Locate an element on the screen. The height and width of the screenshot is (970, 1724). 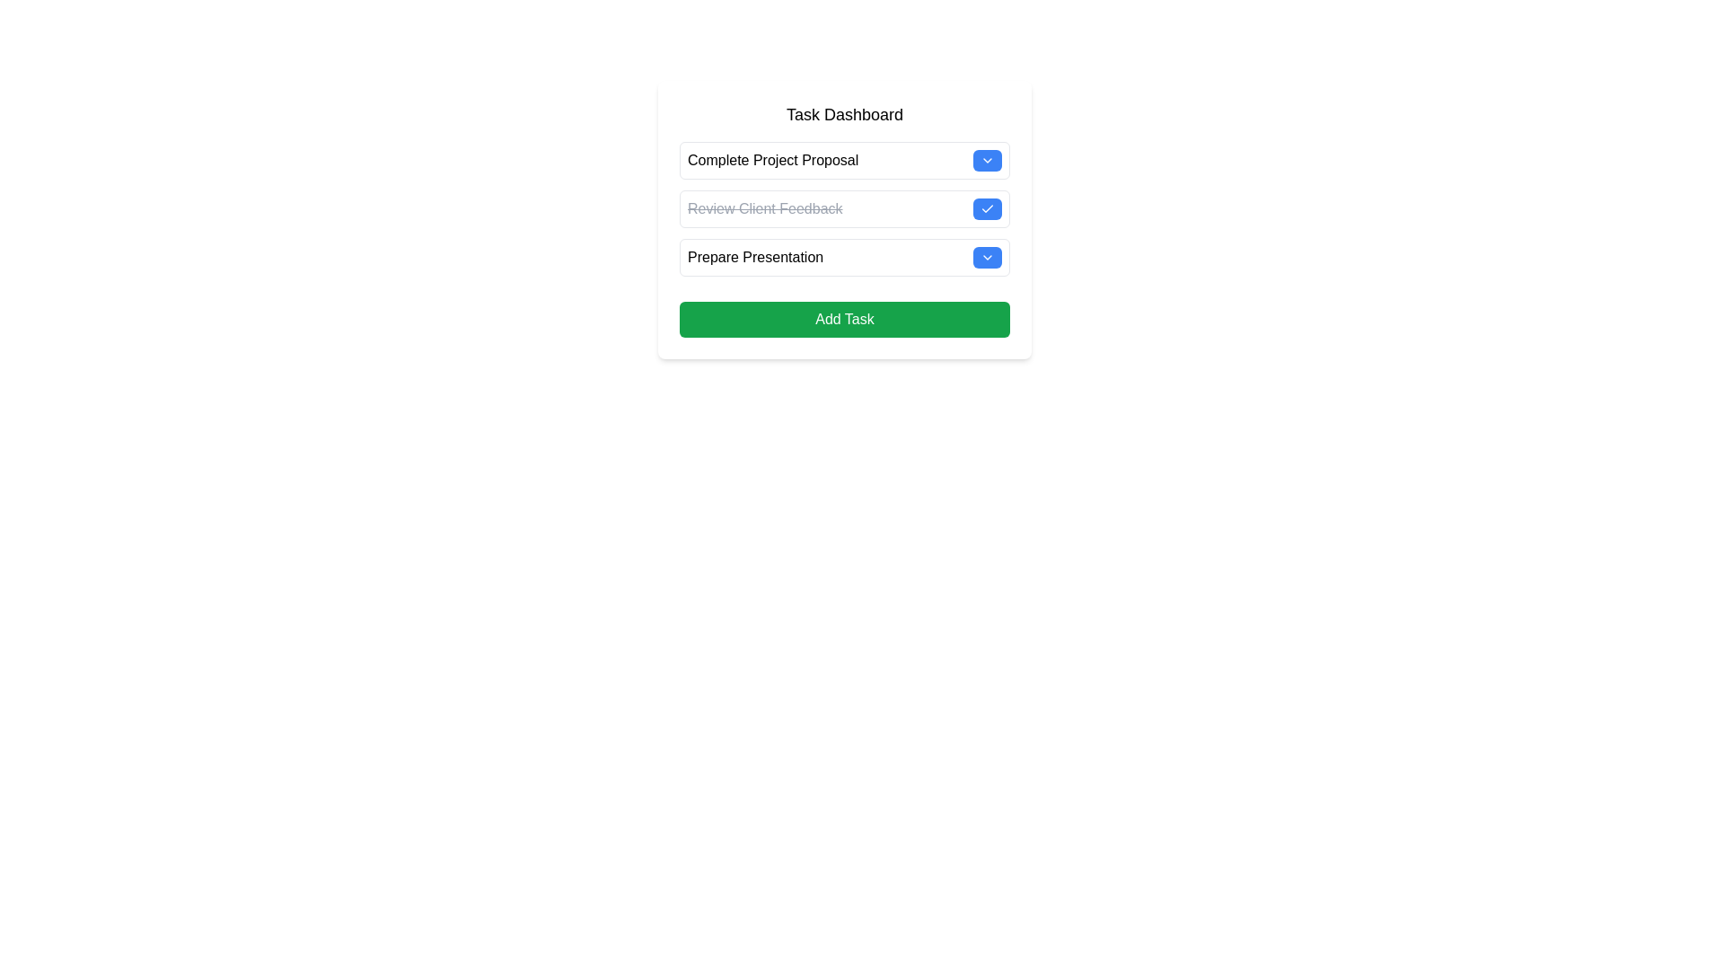
the text label that describes the task 'Complete Project Proposal' in the Task Dashboard, which is the first item in the list is located at coordinates (773, 159).